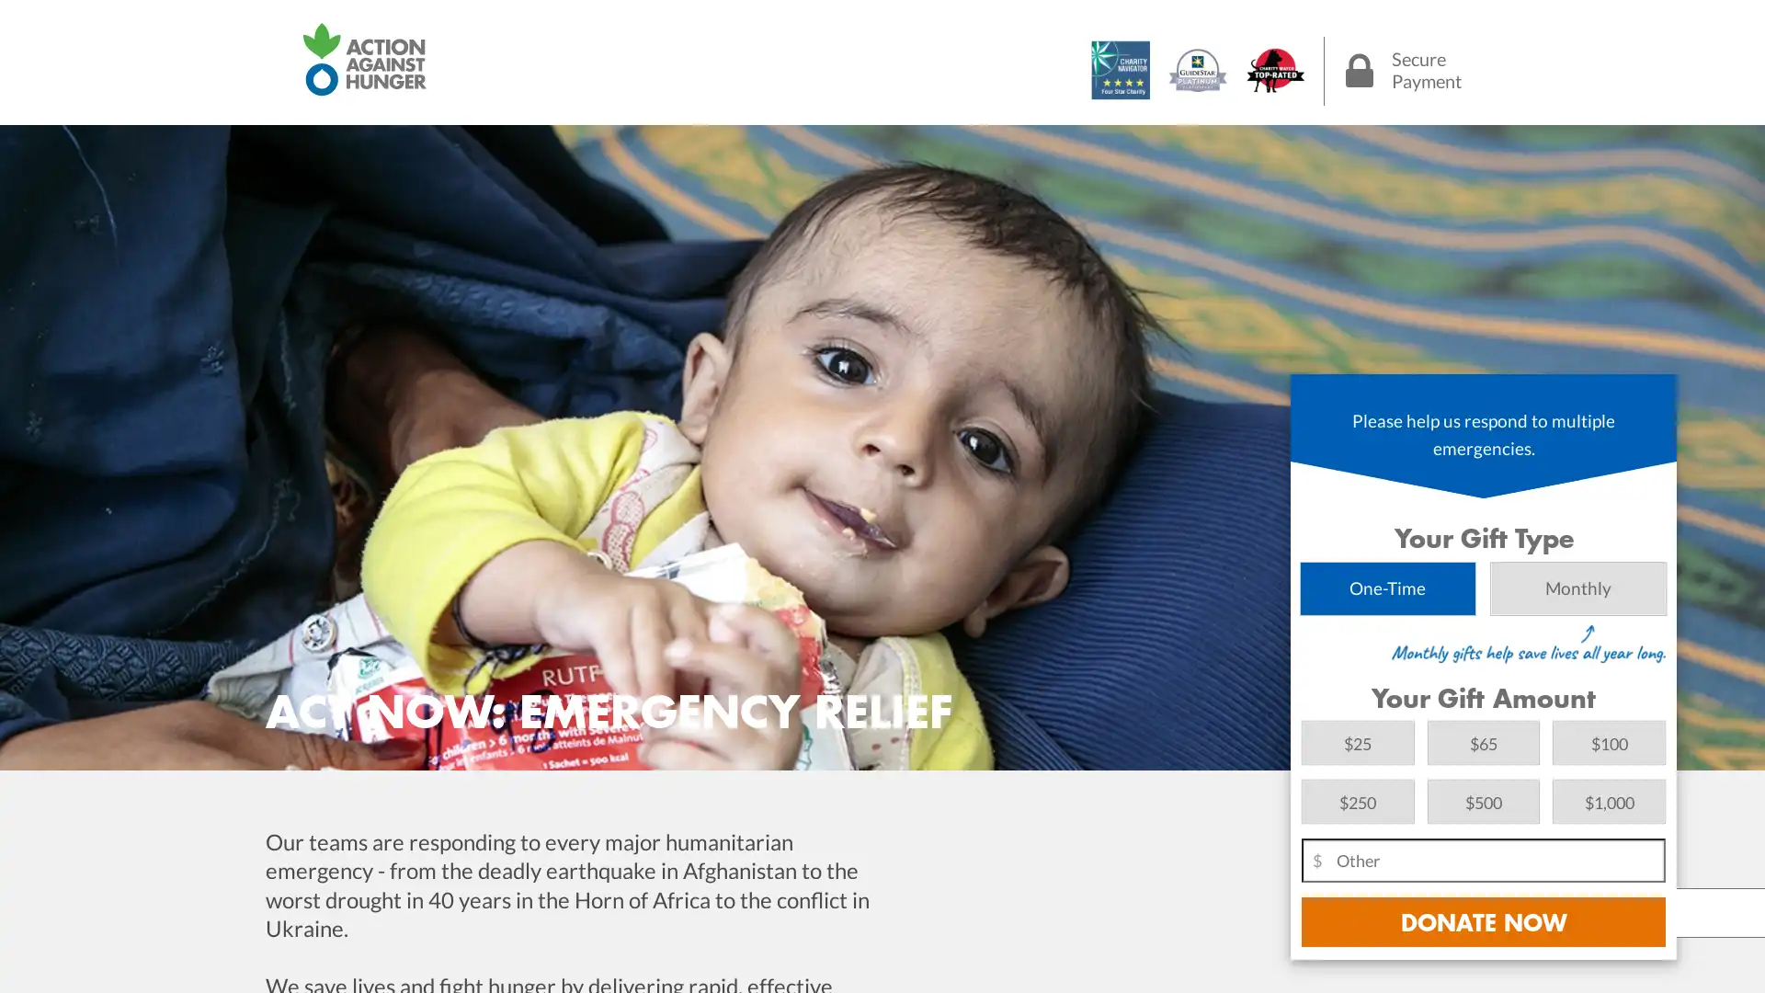  Describe the element at coordinates (1608, 741) in the screenshot. I see `$100` at that location.